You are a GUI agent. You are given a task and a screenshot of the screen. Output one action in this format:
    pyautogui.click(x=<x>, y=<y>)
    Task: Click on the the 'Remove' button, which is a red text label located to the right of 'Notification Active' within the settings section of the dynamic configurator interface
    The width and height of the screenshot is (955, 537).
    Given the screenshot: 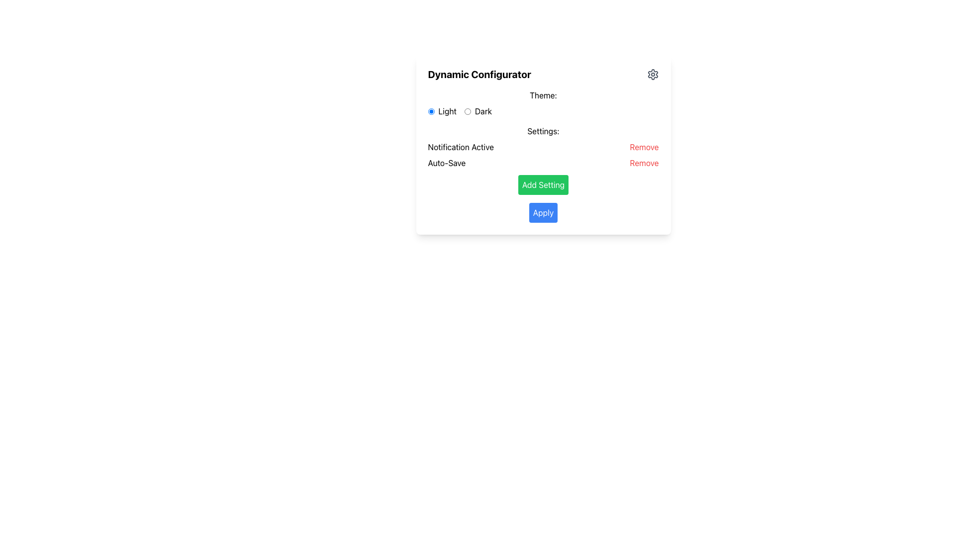 What is the action you would take?
    pyautogui.click(x=644, y=147)
    